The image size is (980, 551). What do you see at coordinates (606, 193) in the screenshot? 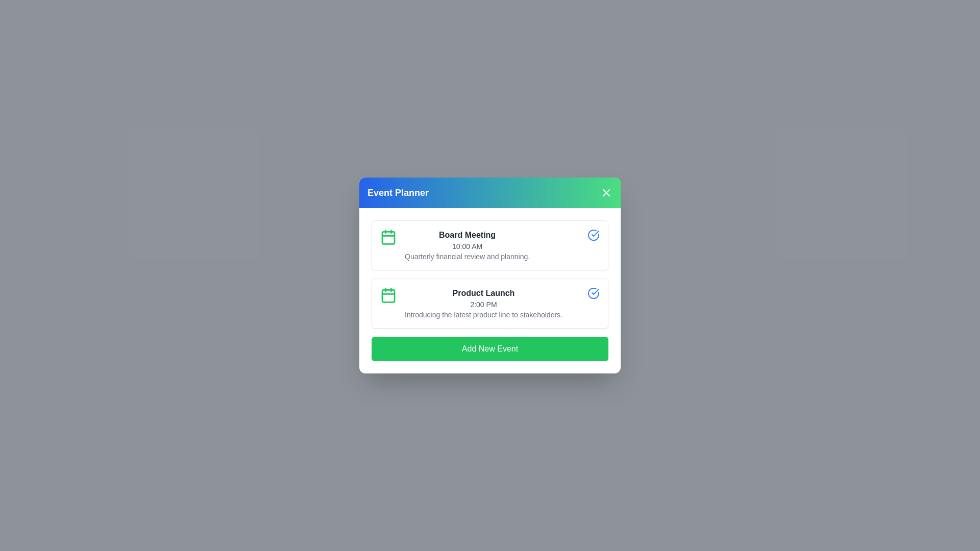
I see `the close button, which is a cross-shaped icon ('X') in white on a green circular background, located at the top right corner of the header bar with the text 'Event Planner'` at bounding box center [606, 193].